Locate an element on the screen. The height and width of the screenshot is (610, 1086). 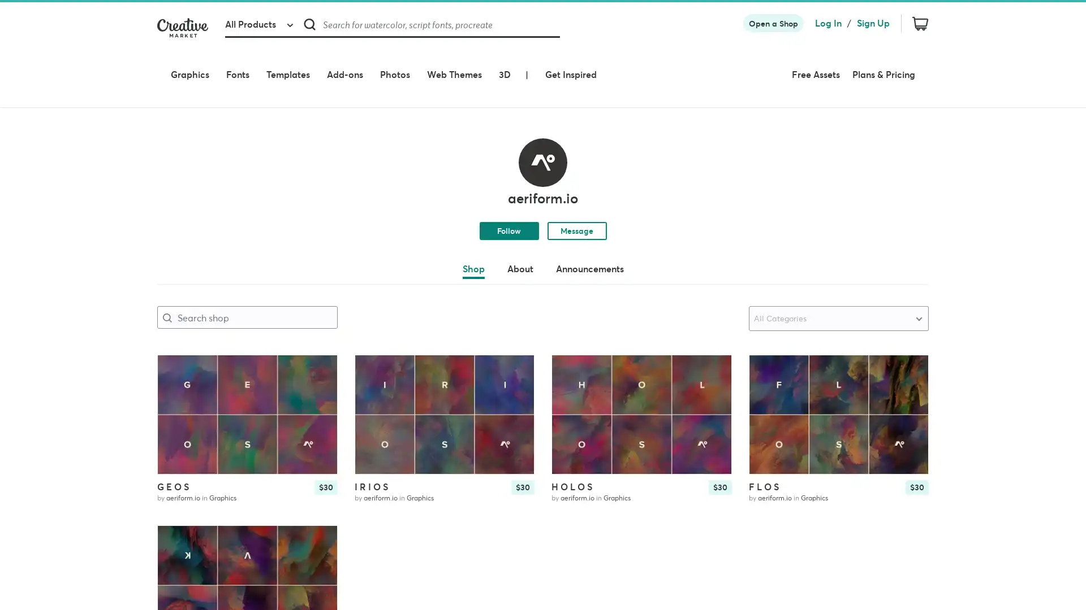
Message is located at coordinates (576, 189).